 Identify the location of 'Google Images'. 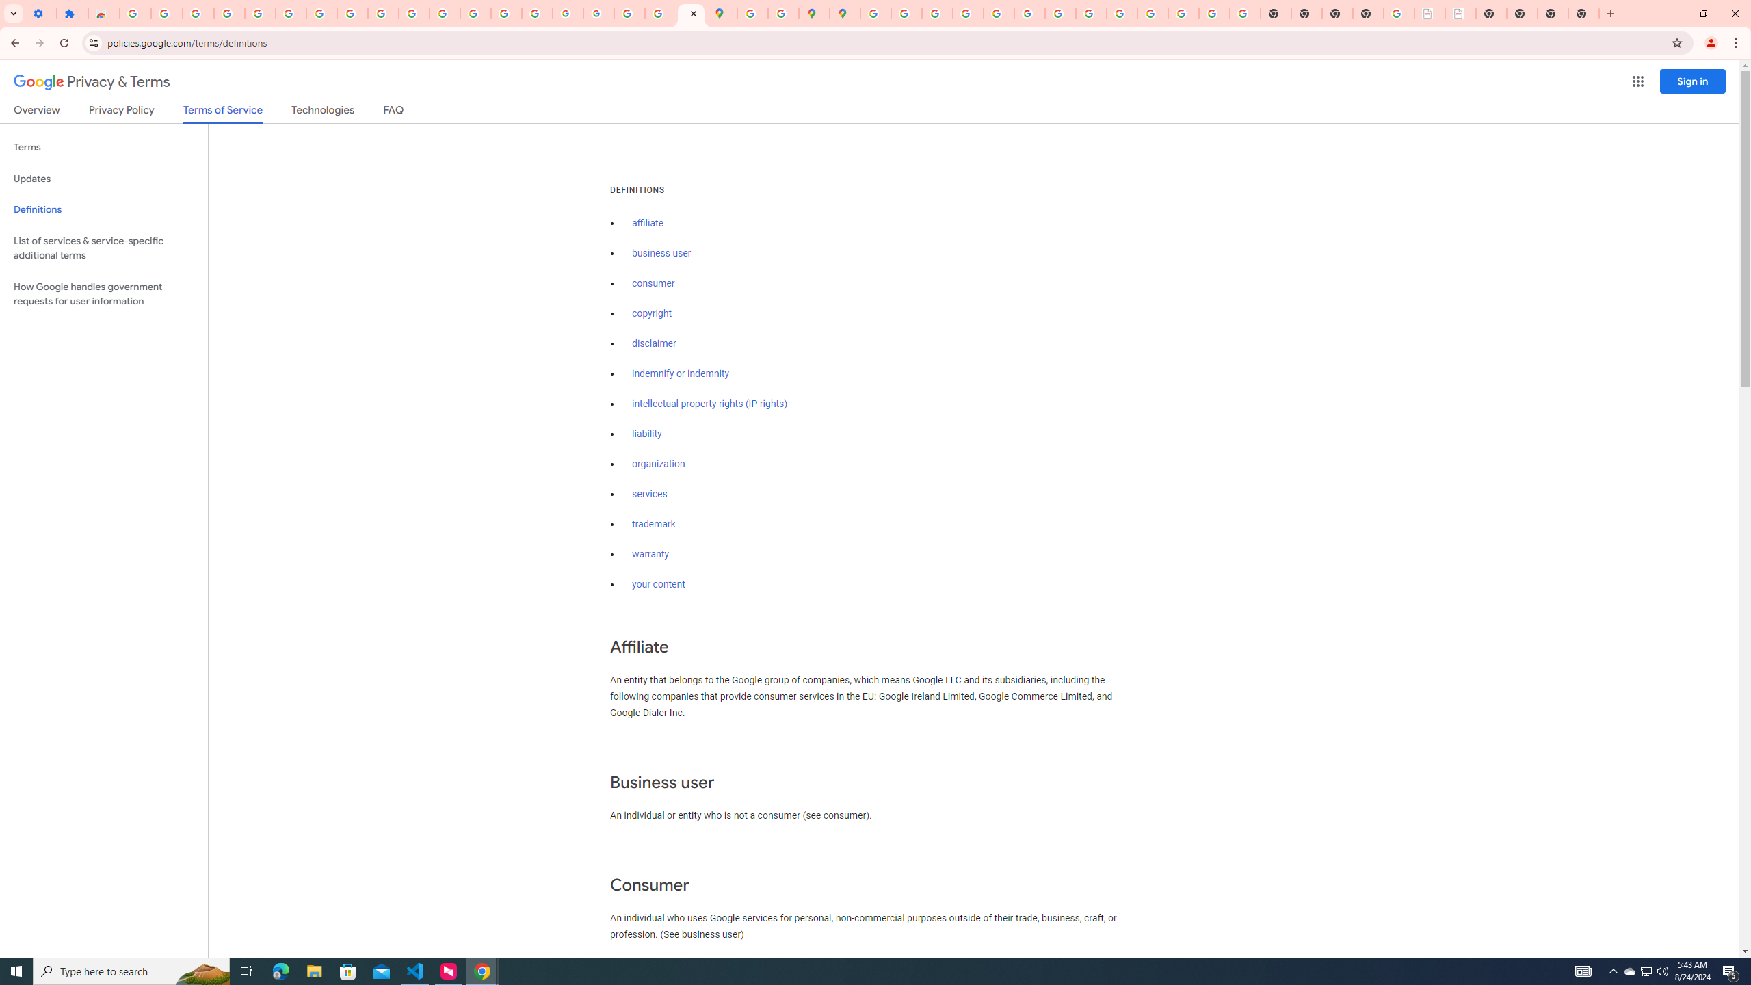
(1244, 13).